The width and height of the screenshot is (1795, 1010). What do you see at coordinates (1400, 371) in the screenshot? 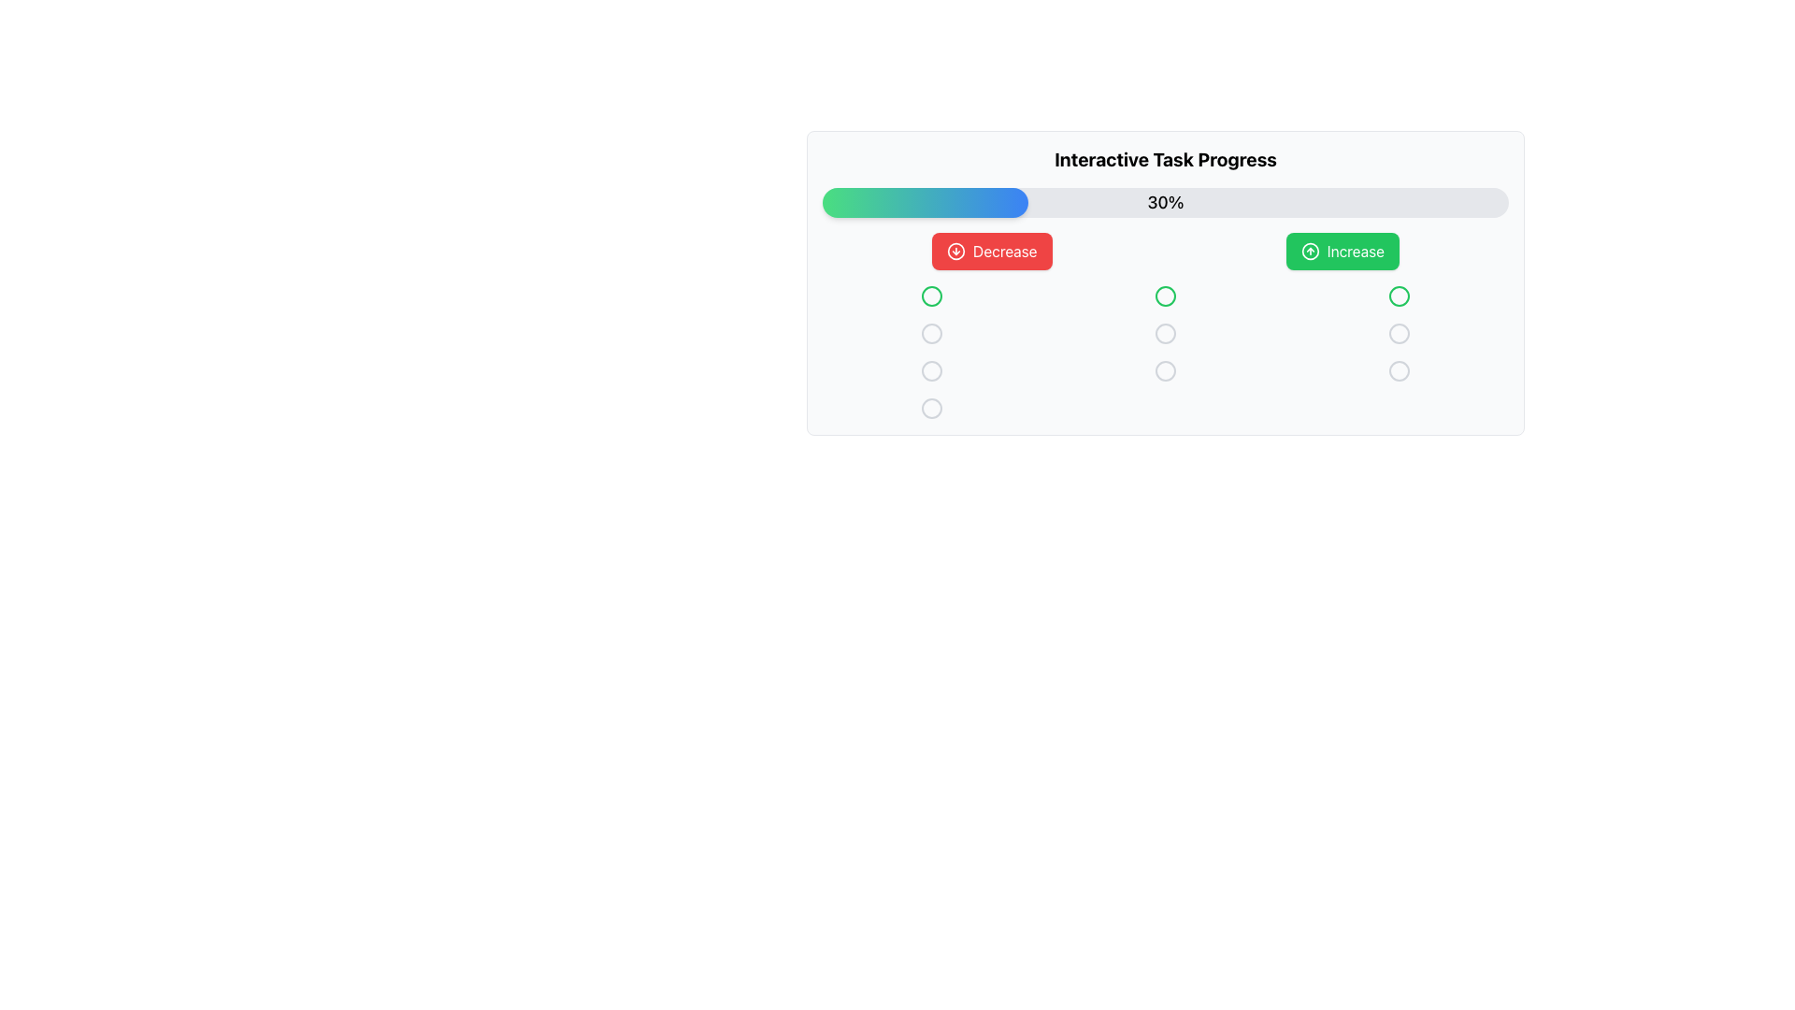
I see `the circular icon with a light gray border and hollow center located at the bottom-right of the grid` at bounding box center [1400, 371].